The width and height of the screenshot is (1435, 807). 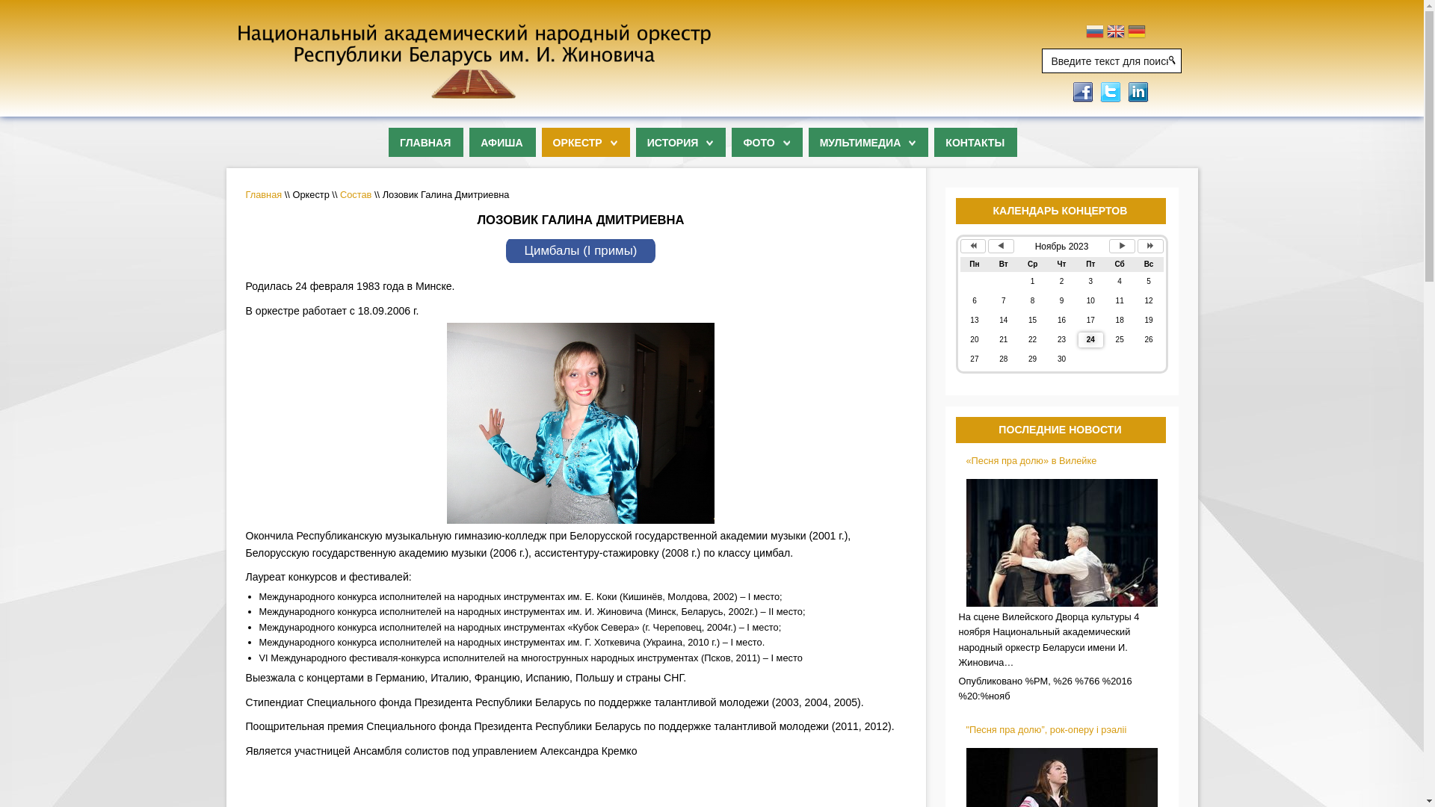 What do you see at coordinates (1094, 33) in the screenshot?
I see `'Russian'` at bounding box center [1094, 33].